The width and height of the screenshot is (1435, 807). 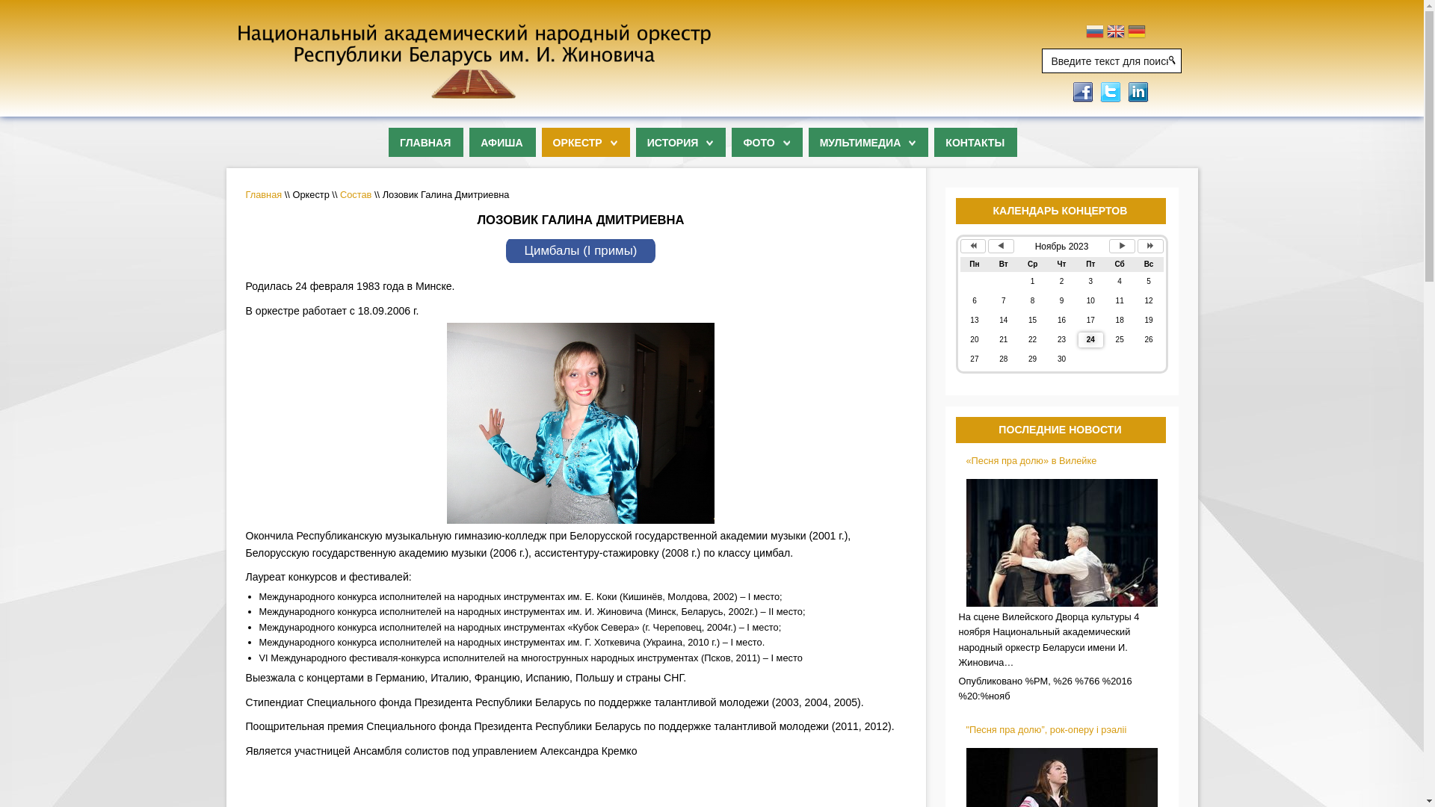 What do you see at coordinates (1094, 33) in the screenshot?
I see `'Russian'` at bounding box center [1094, 33].